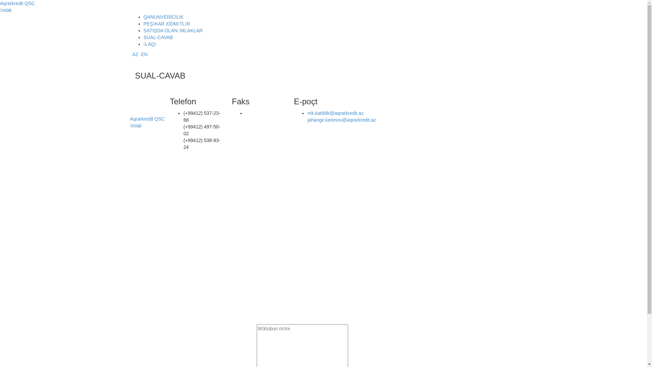  I want to click on 'EN', so click(144, 54).